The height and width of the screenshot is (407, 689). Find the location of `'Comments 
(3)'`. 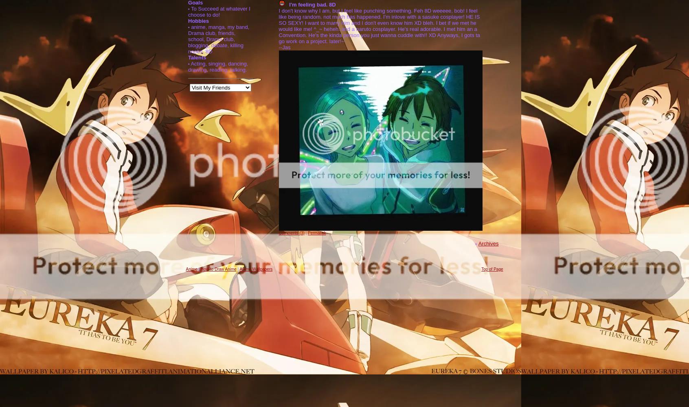

'Comments 
(3)' is located at coordinates (291, 232).